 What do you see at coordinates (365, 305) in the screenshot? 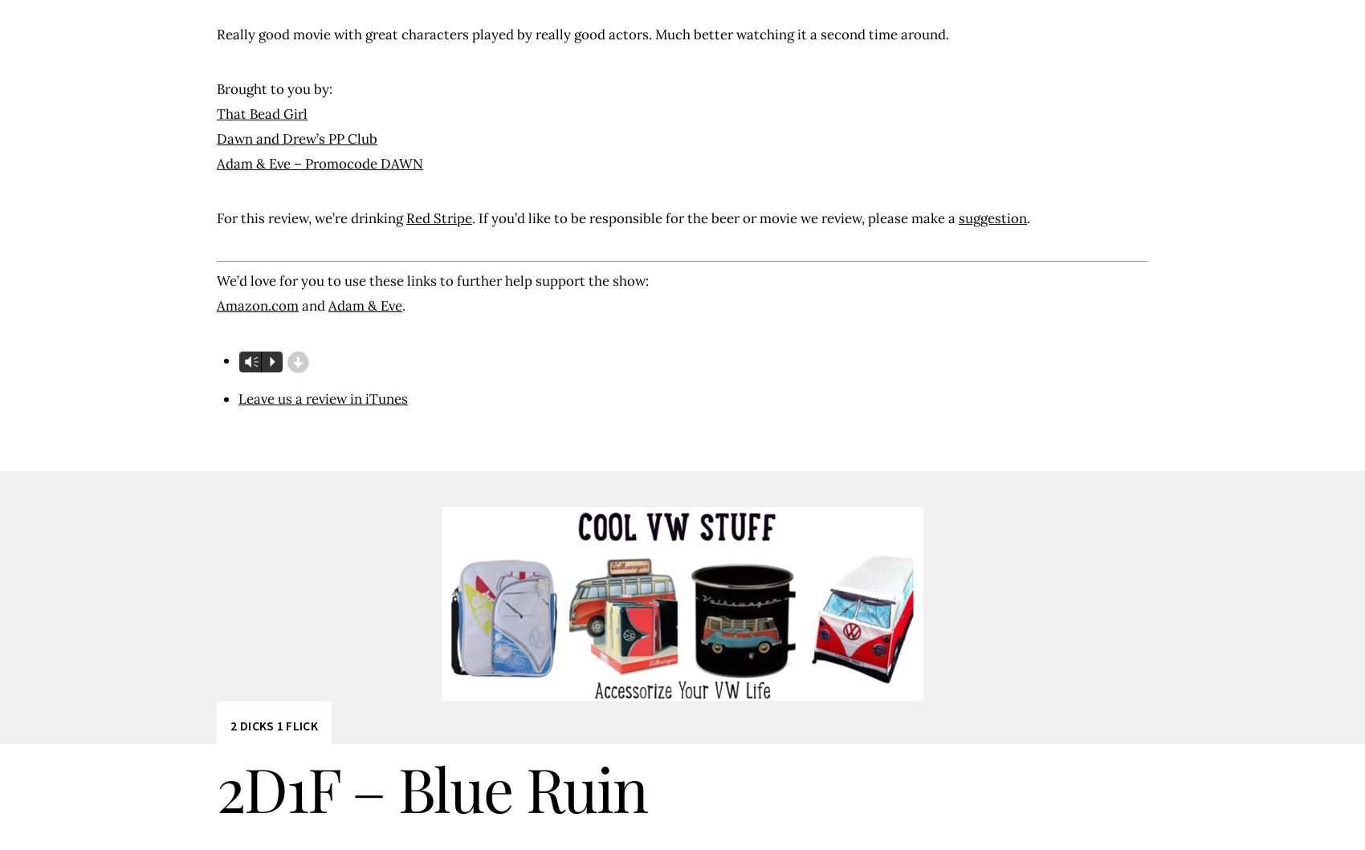
I see `'Adam & Eve'` at bounding box center [365, 305].